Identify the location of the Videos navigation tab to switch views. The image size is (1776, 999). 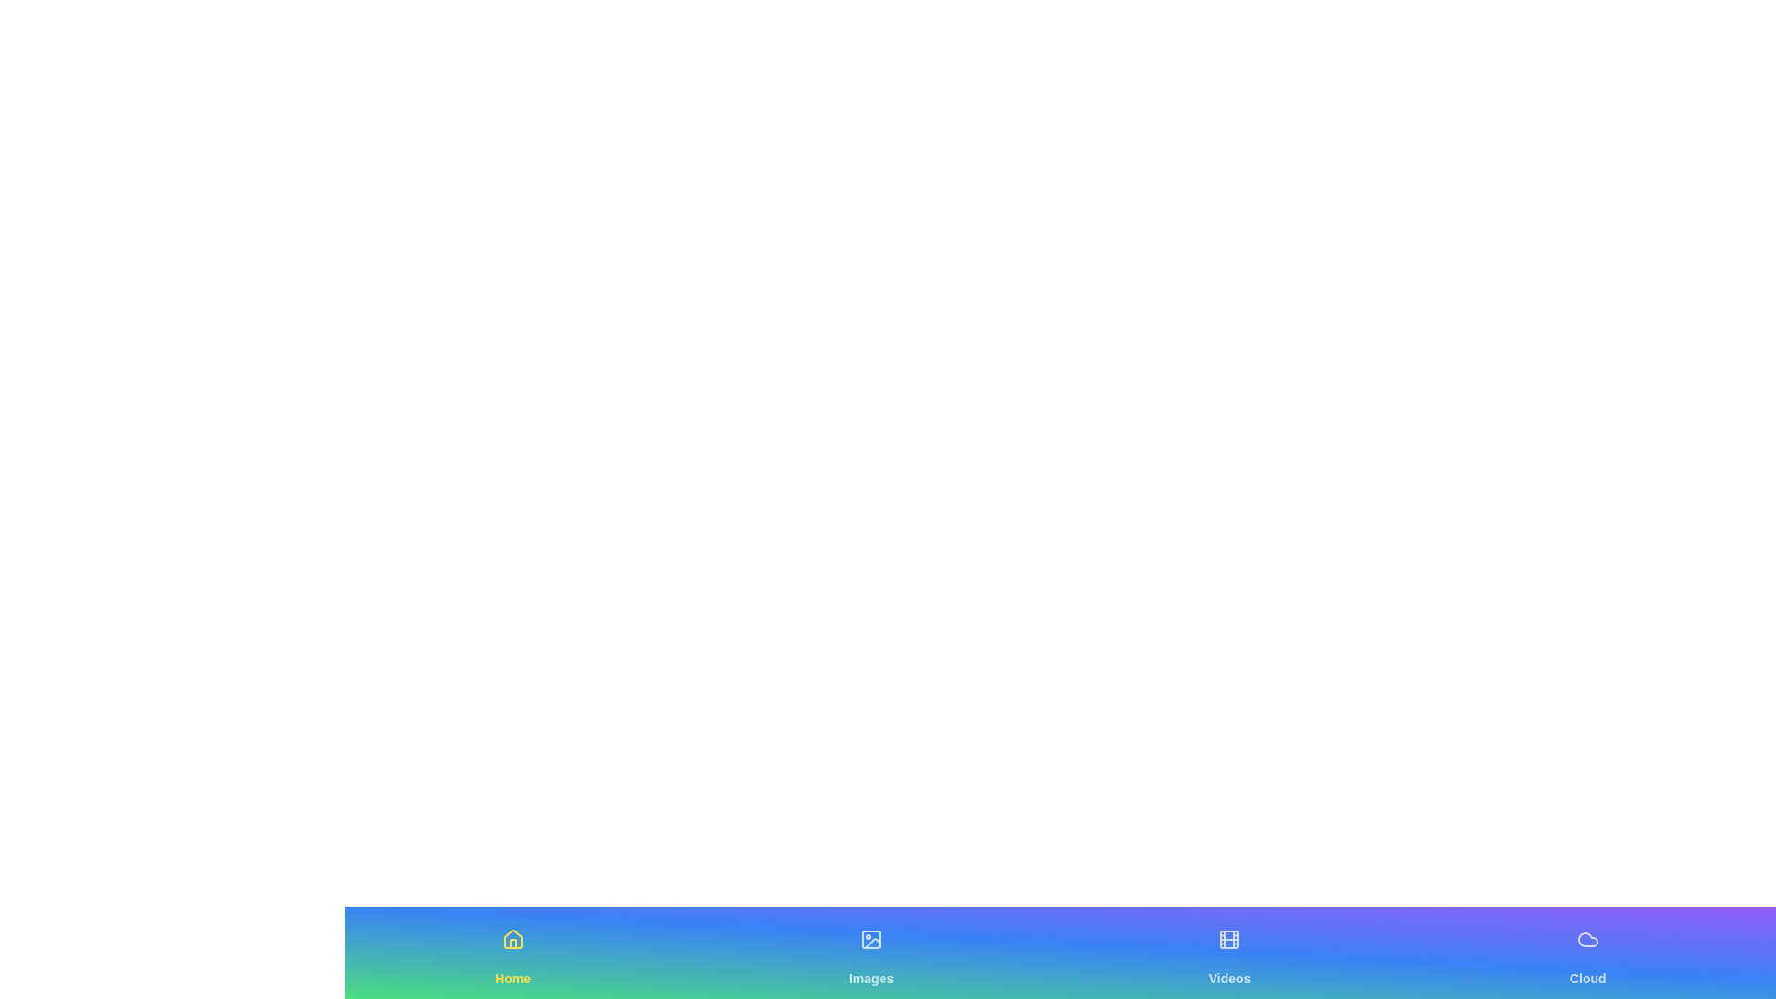
(1229, 952).